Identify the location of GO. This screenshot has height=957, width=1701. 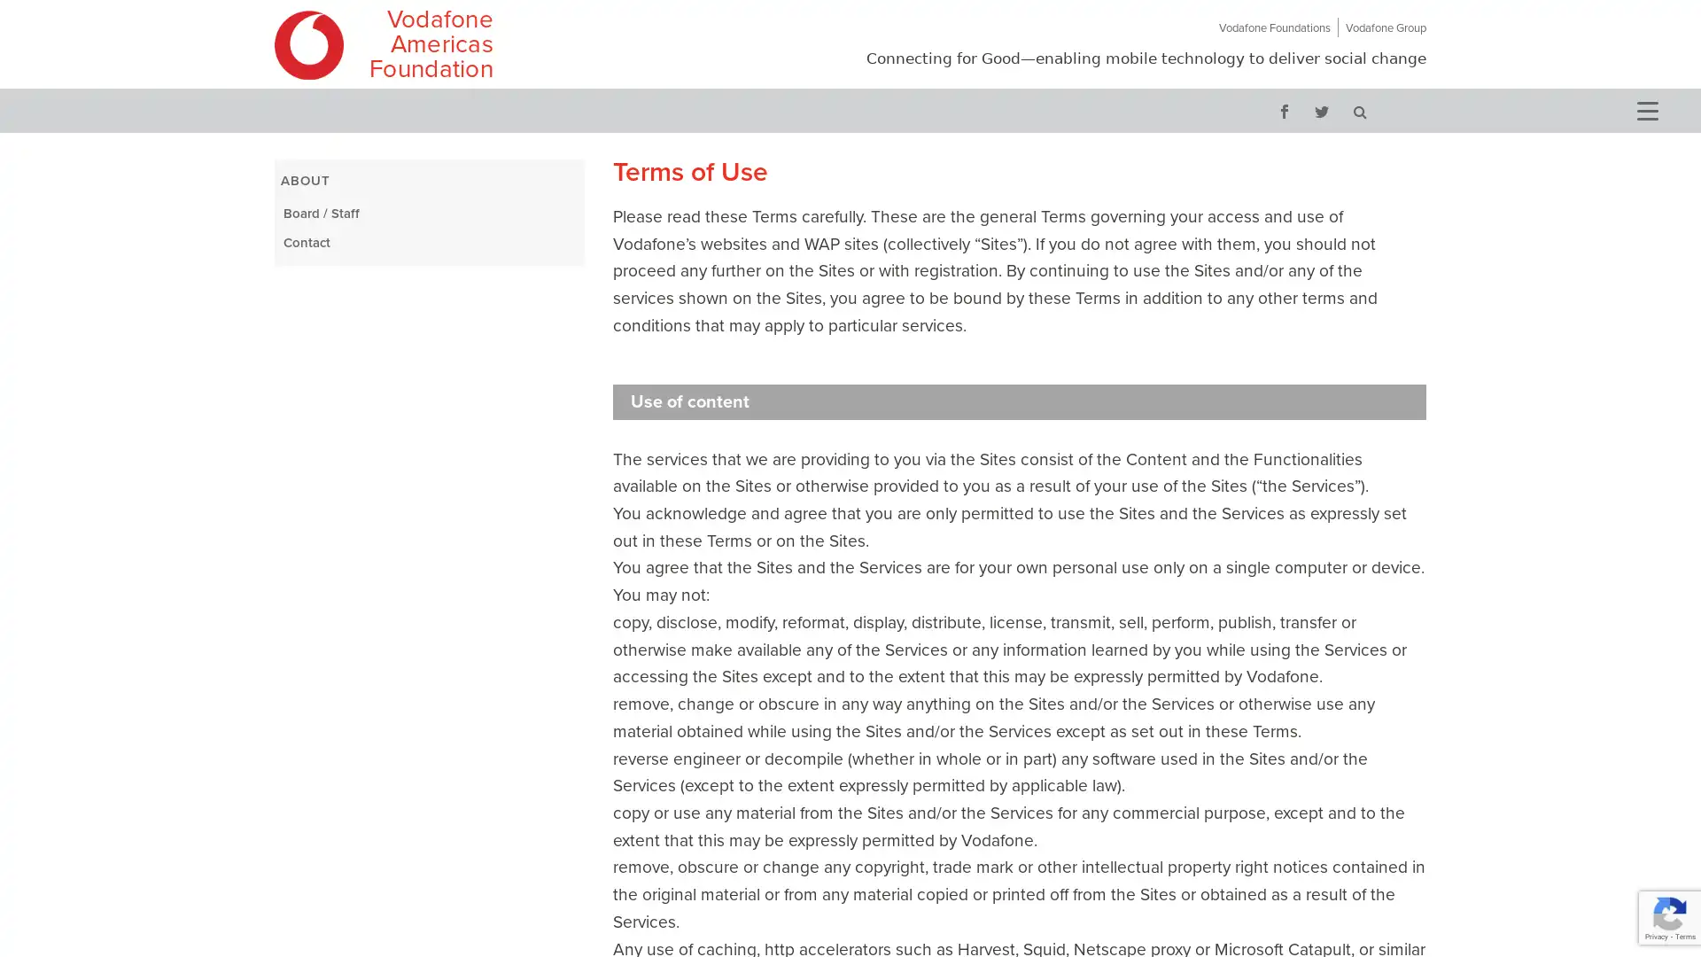
(1359, 110).